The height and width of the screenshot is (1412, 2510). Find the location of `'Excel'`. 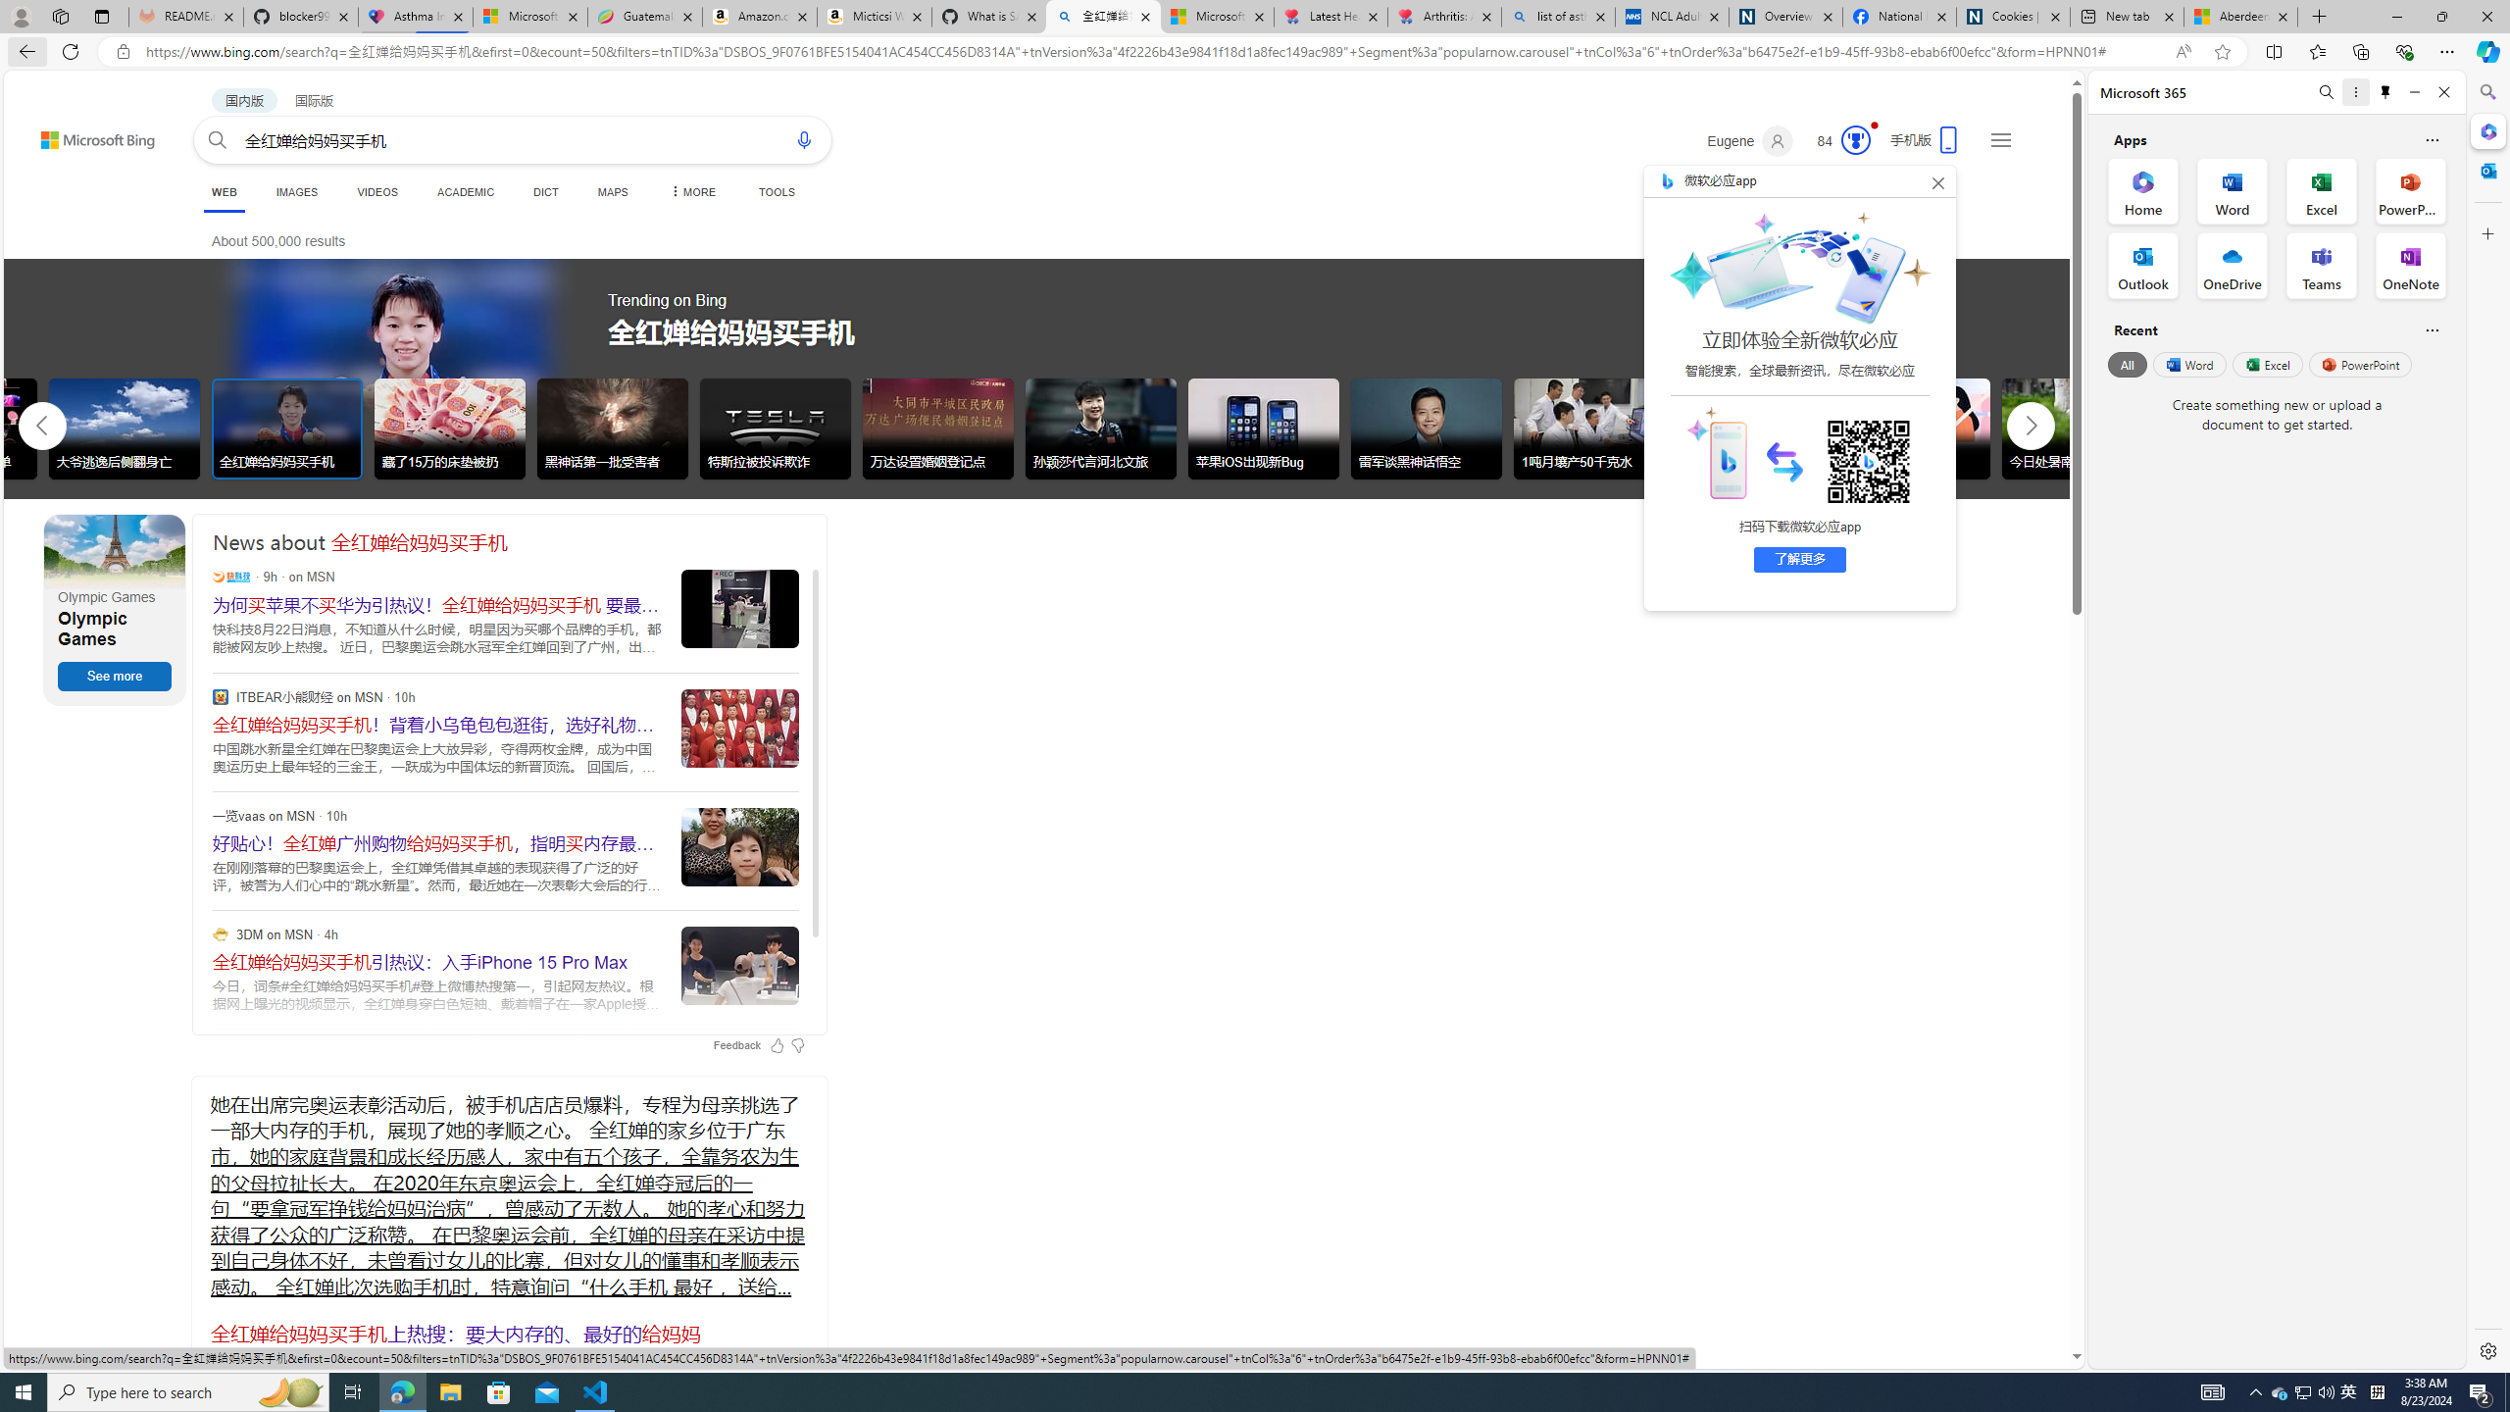

'Excel' is located at coordinates (2266, 364).